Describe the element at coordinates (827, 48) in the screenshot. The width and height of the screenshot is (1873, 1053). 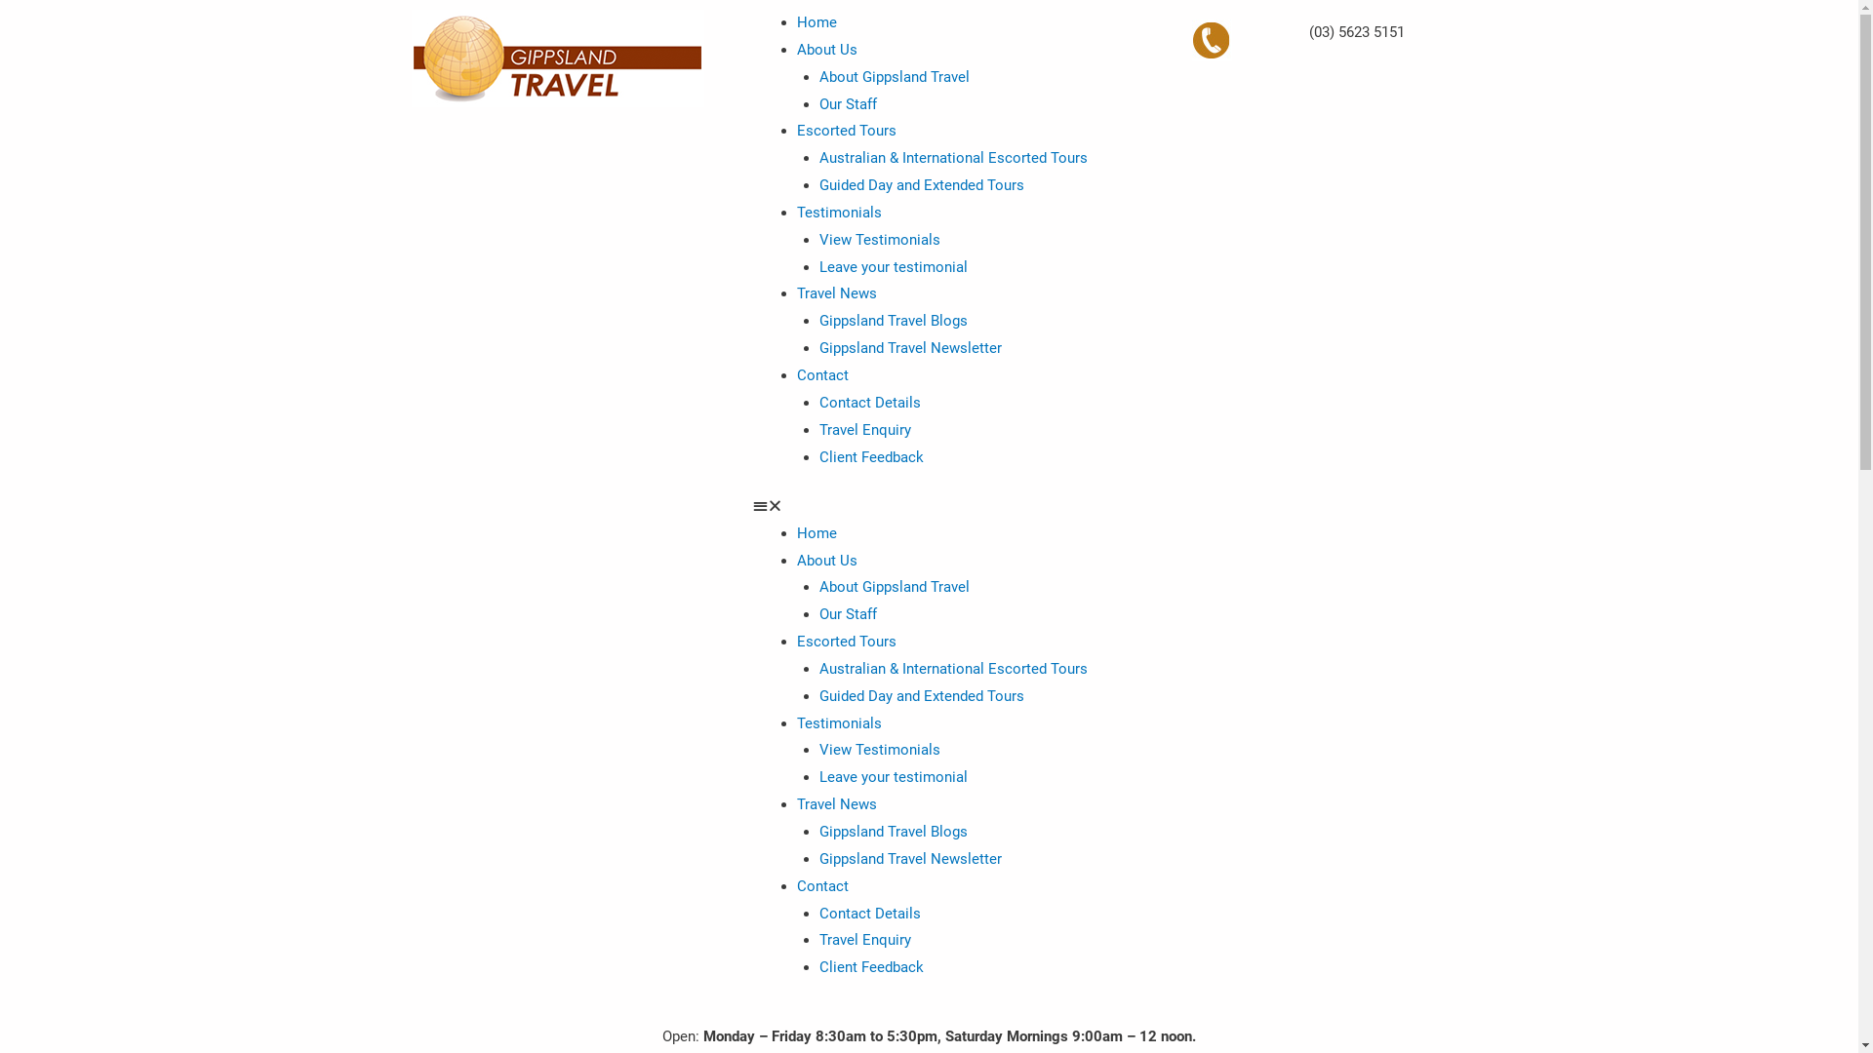
I see `'About Us'` at that location.